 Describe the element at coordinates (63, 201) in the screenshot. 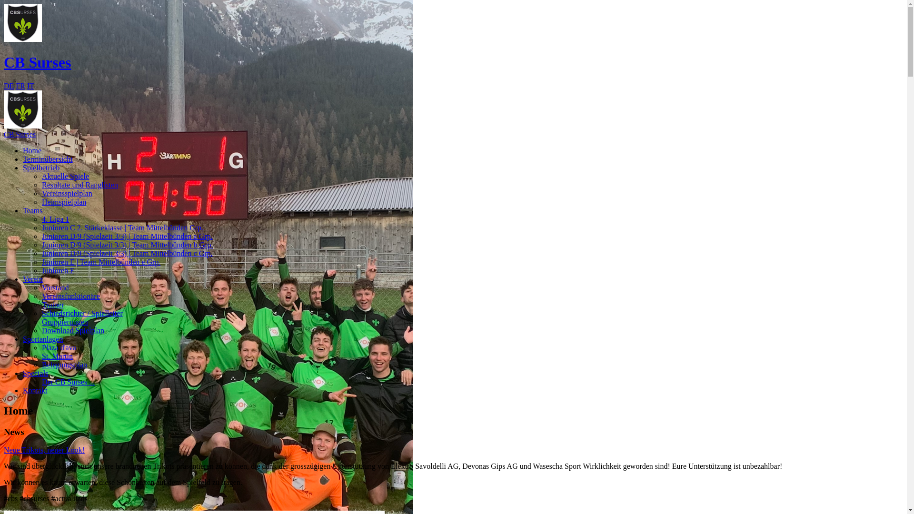

I see `'Heimspielplan'` at that location.